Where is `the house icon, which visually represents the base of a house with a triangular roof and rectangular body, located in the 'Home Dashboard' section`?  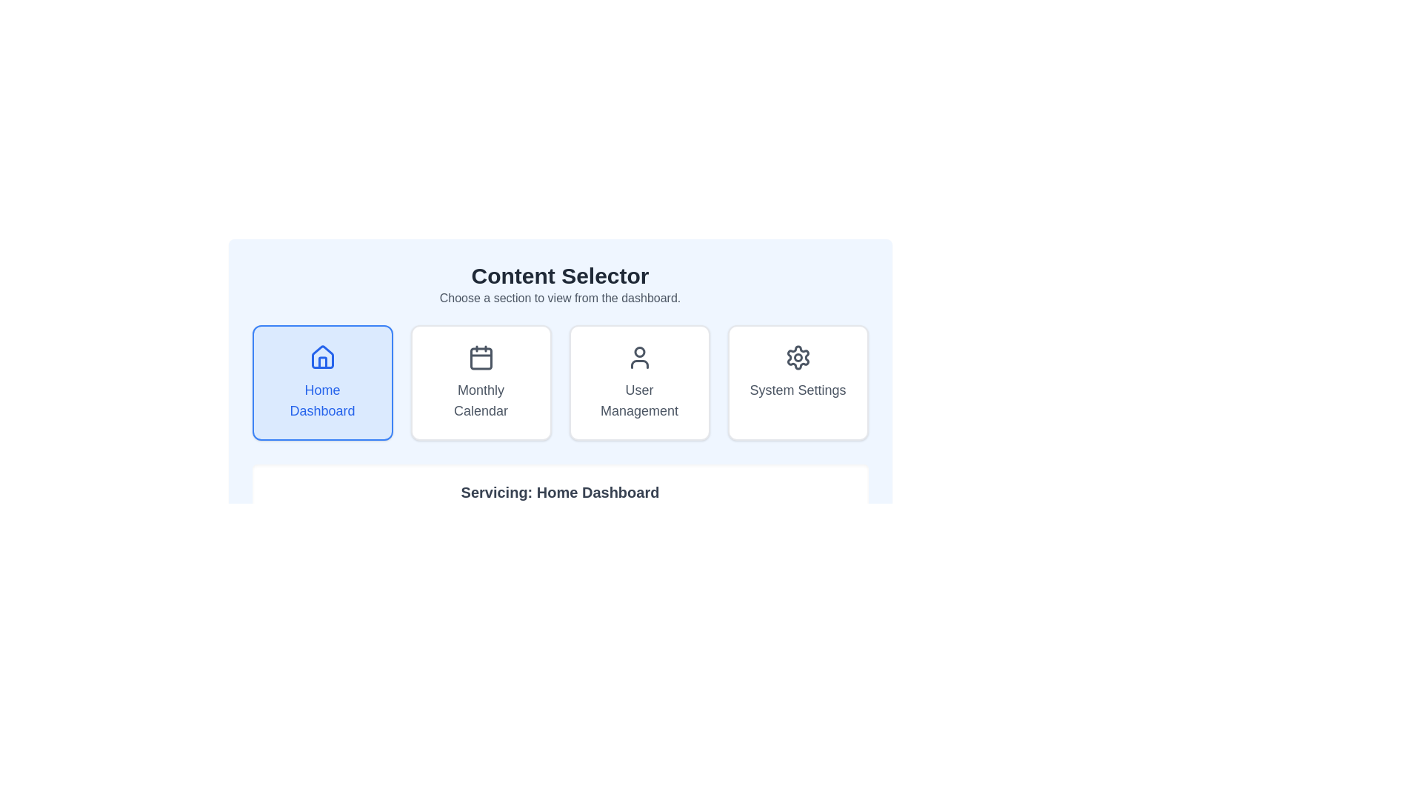 the house icon, which visually represents the base of a house with a triangular roof and rectangular body, located in the 'Home Dashboard' section is located at coordinates (321, 357).